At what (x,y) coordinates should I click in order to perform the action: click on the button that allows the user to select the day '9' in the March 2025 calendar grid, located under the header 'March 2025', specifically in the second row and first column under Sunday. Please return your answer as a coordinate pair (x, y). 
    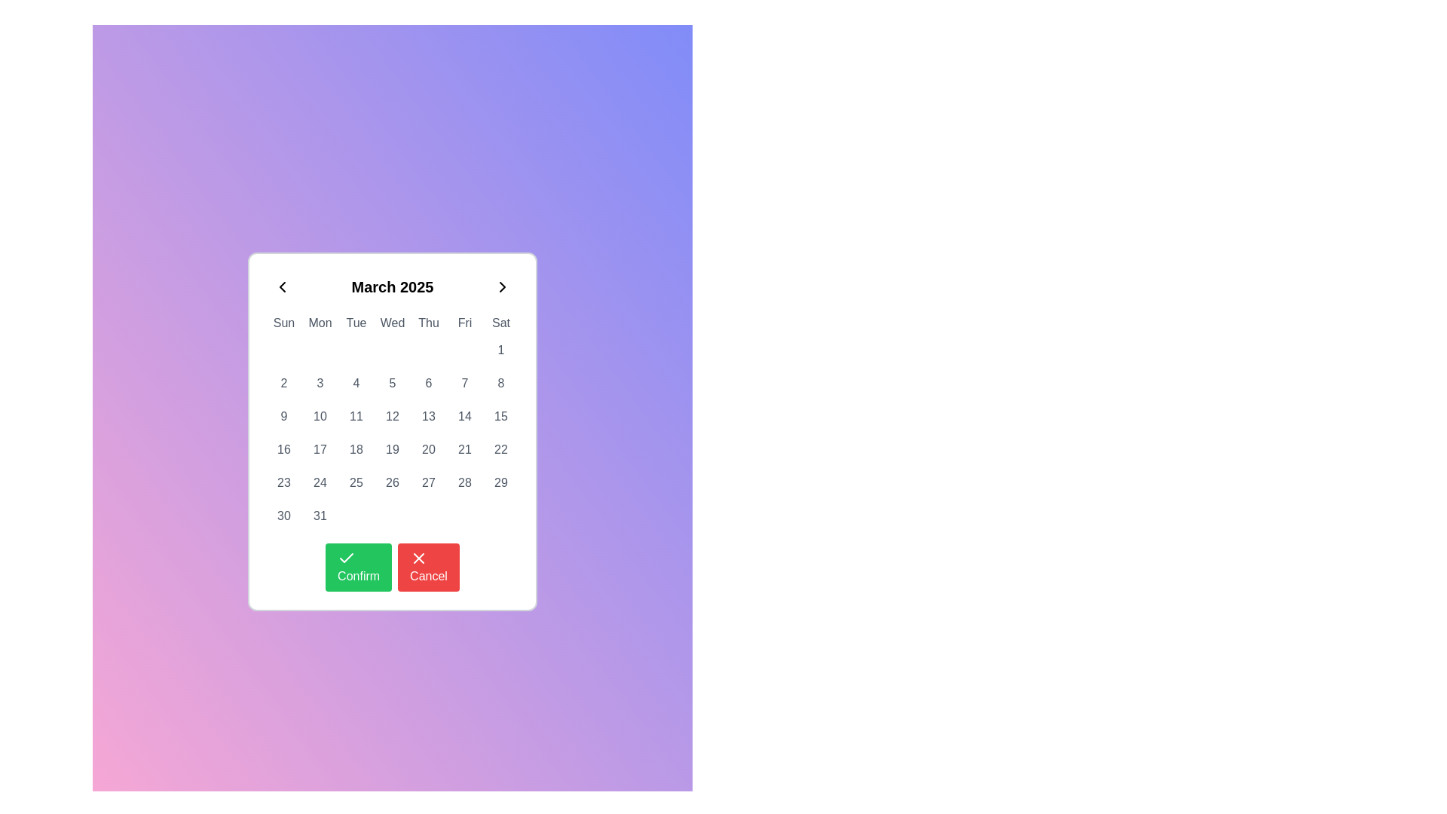
    Looking at the image, I should click on (284, 416).